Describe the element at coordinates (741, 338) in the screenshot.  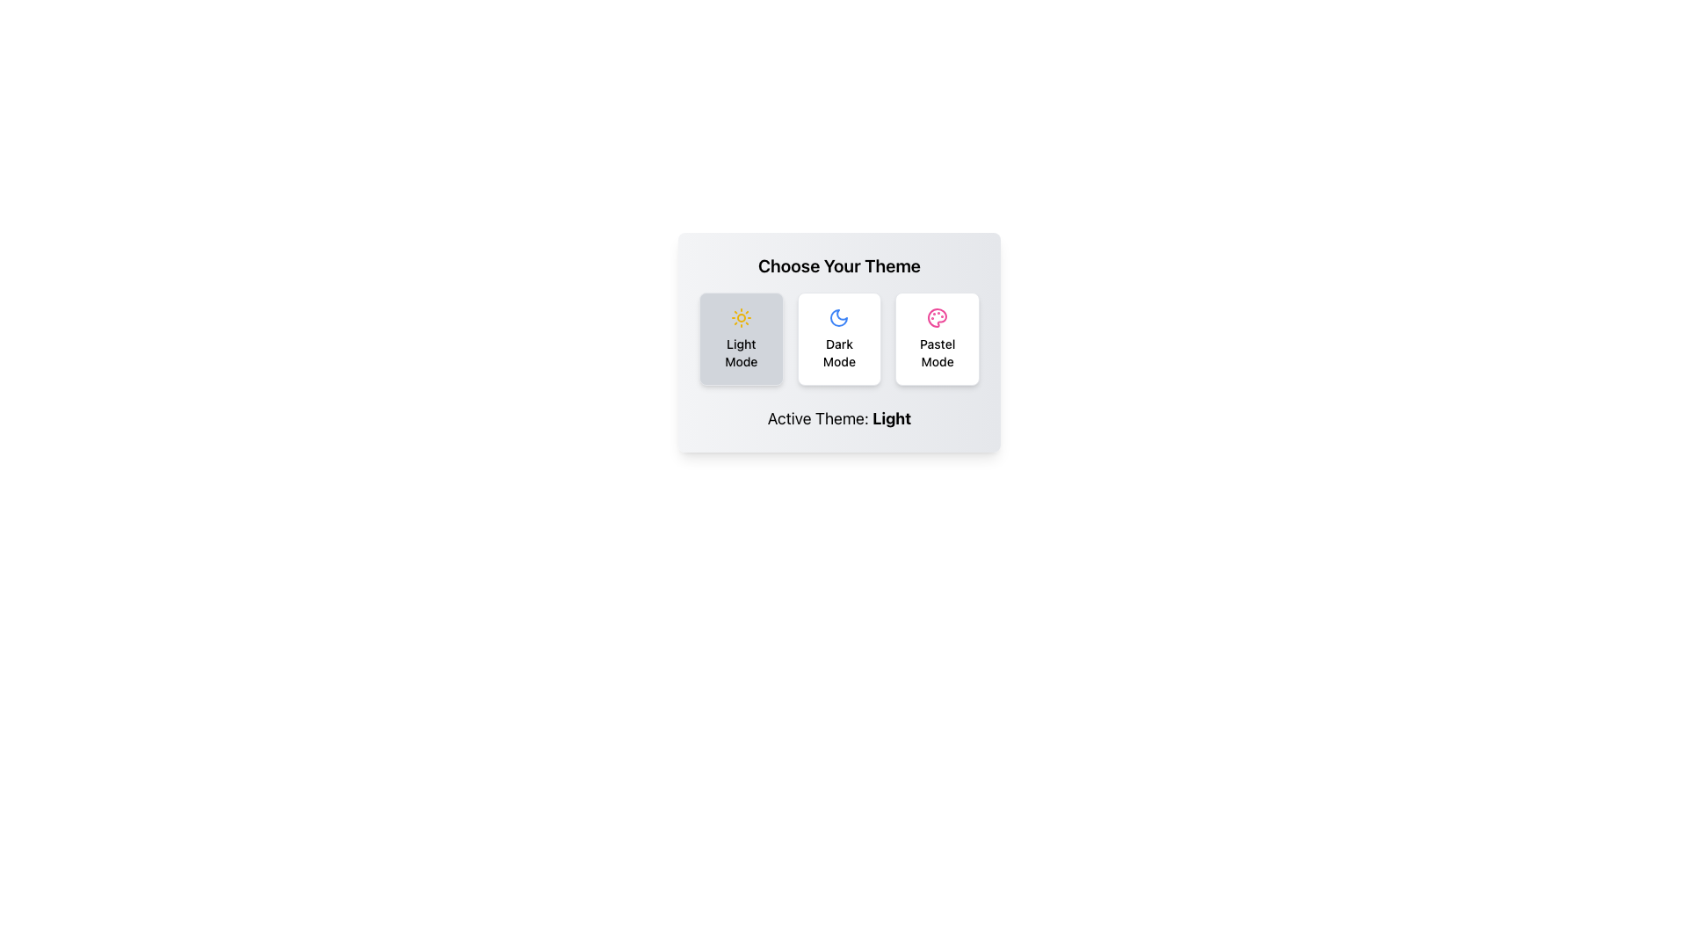
I see `the 'Light Mode' selectable card, which is the first card in a grid layout positioned below the heading 'Choose Your Theme'` at that location.